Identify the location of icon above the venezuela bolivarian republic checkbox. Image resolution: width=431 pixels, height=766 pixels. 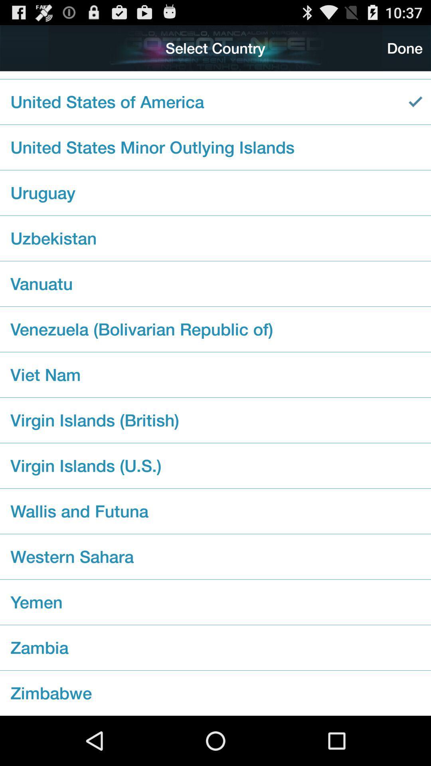
(215, 284).